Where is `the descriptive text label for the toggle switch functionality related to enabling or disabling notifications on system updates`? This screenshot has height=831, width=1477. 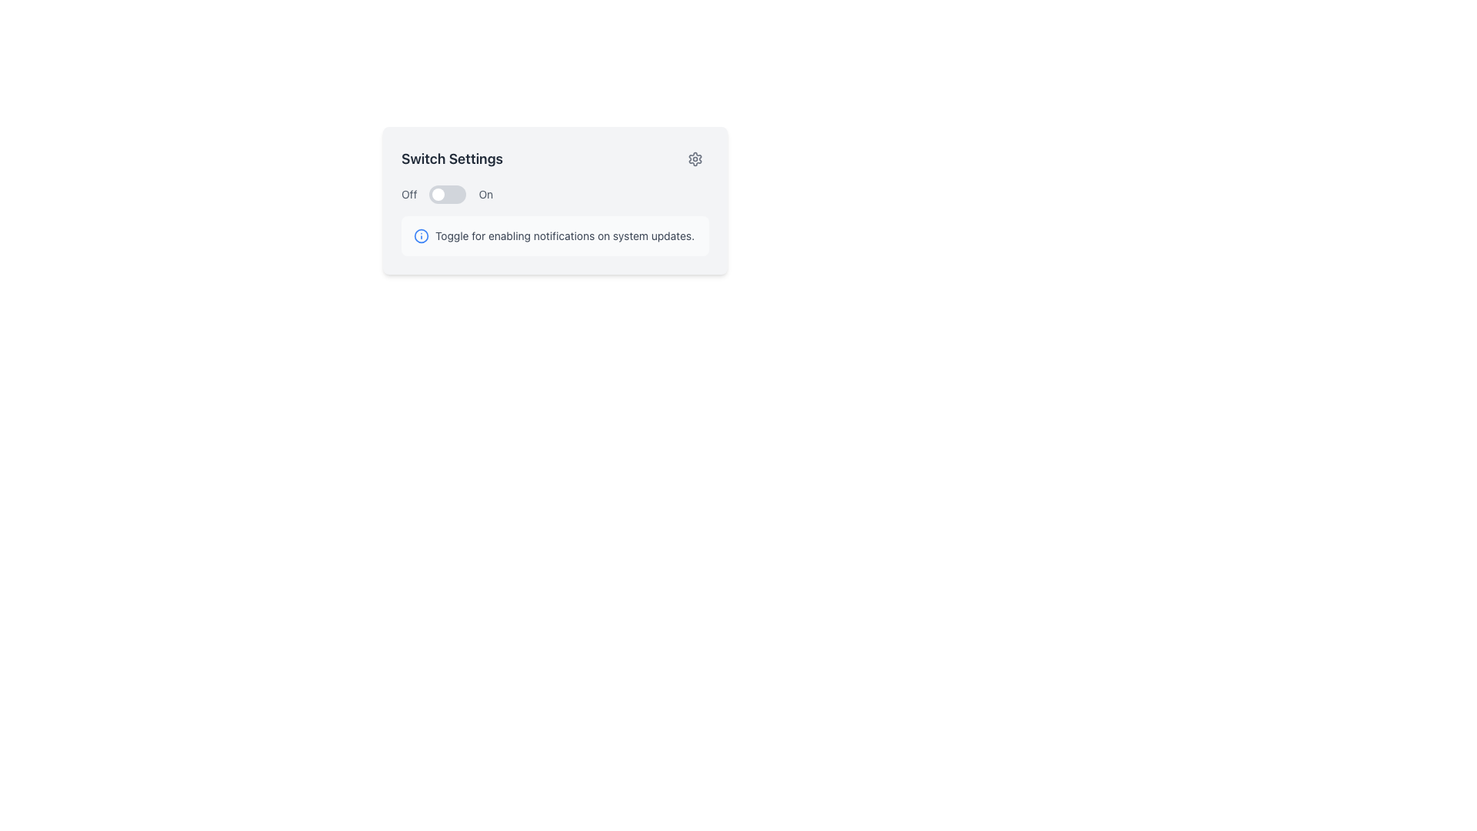 the descriptive text label for the toggle switch functionality related to enabling or disabling notifications on system updates is located at coordinates (564, 236).